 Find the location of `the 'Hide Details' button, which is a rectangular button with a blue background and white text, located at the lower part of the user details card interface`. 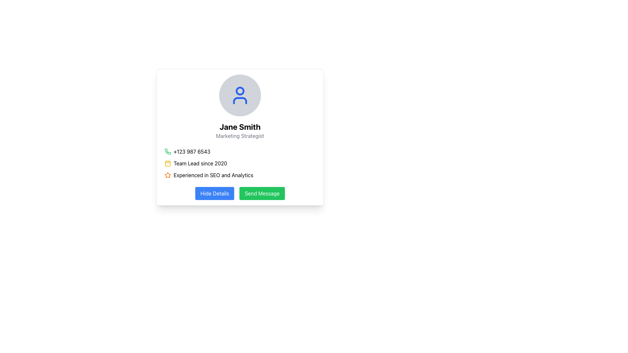

the 'Hide Details' button, which is a rectangular button with a blue background and white text, located at the lower part of the user details card interface is located at coordinates (215, 193).